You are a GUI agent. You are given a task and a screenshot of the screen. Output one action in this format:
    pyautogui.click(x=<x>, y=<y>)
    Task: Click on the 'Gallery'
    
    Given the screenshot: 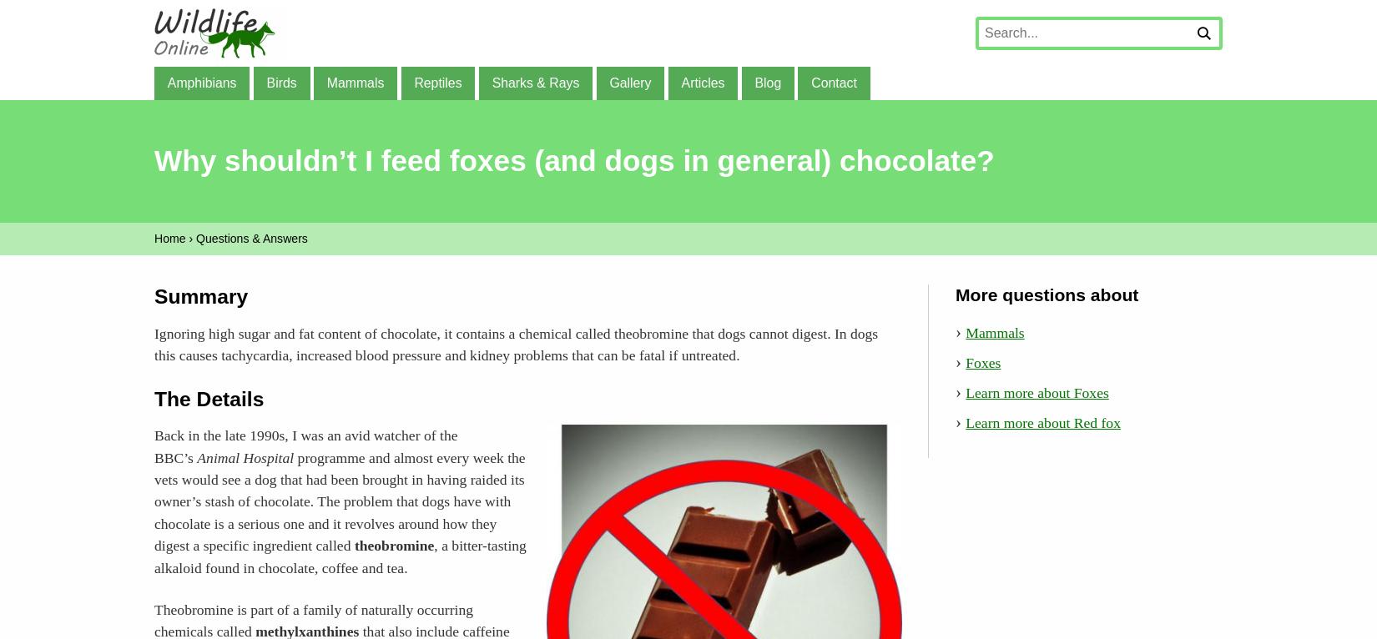 What is the action you would take?
    pyautogui.click(x=629, y=81)
    